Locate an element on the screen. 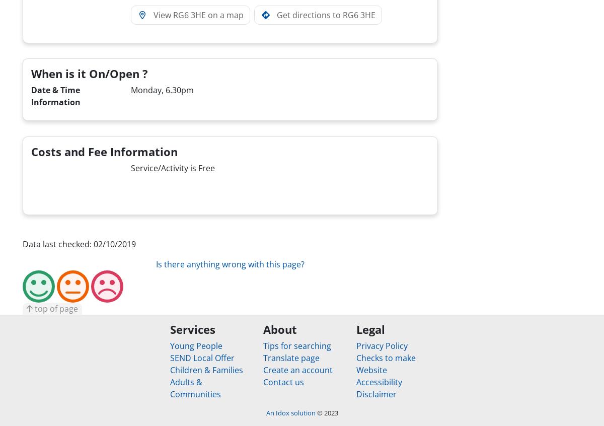 The height and width of the screenshot is (426, 604). 'About' is located at coordinates (279, 329).